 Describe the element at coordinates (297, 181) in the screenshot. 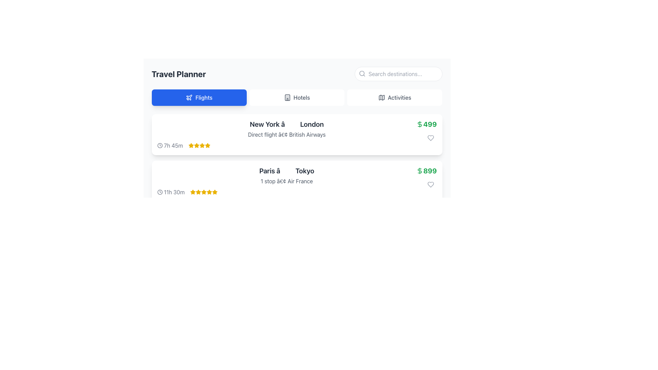

I see `the flight listing item that displays details about a flight from Paris to Tokyo, including the title 'Paris → Tokyo', features '1 stop • Air France', duration '11h 30m', and price '$899'` at that location.